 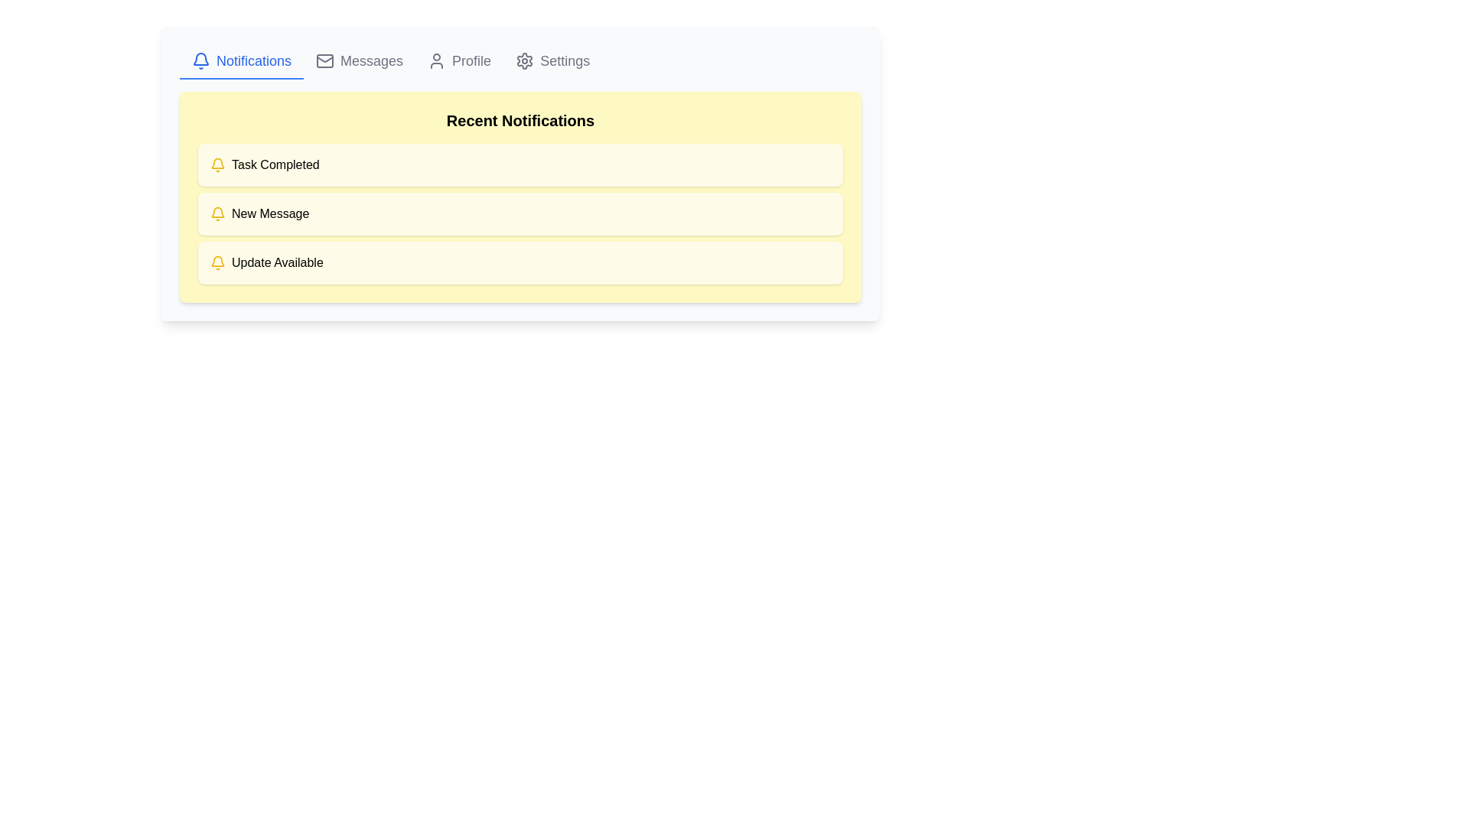 What do you see at coordinates (359, 61) in the screenshot?
I see `the 'Messages' navigation button, which is styled with a gray font and an envelope icon` at bounding box center [359, 61].